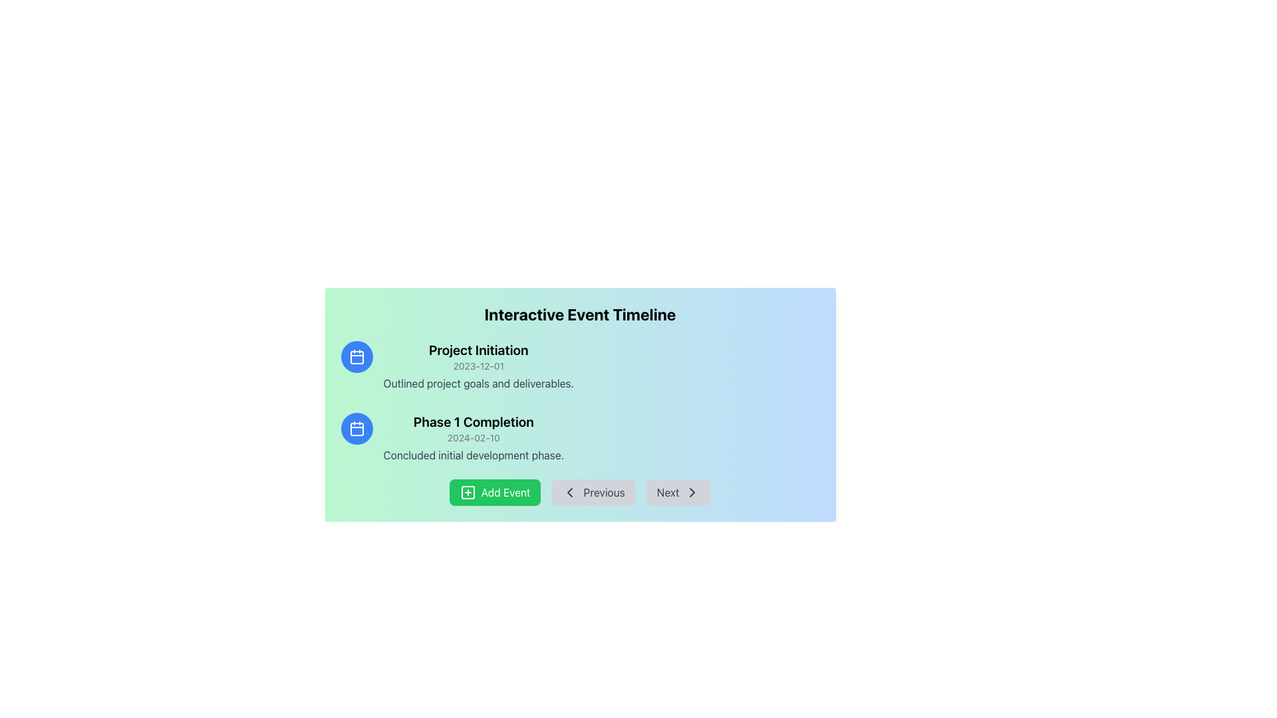 The image size is (1277, 718). Describe the element at coordinates (478, 366) in the screenshot. I see `the text label displaying the date associated with the 'Project Initiation' event in the timeline, which is located below the title and above the description` at that location.